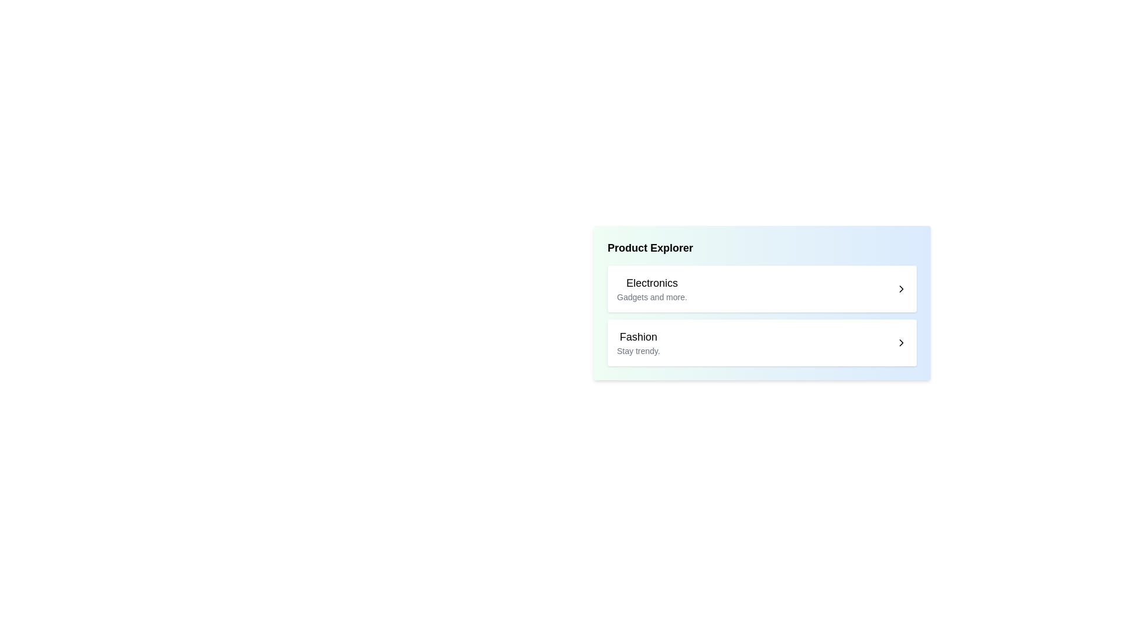 The image size is (1124, 632). Describe the element at coordinates (901, 342) in the screenshot. I see `the navigation icon located at the extreme right edge of the 'Fashion Stay trendy.' item block to initiate navigation` at that location.